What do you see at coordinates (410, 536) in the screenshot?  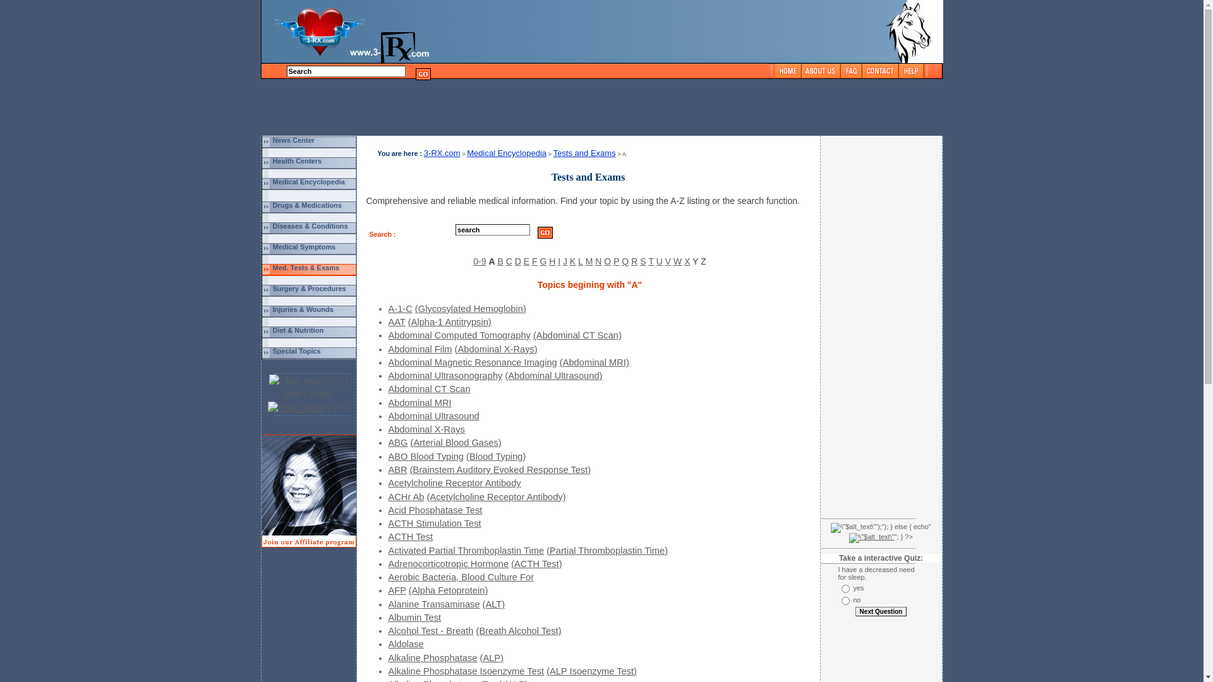 I see `'ACTH Test'` at bounding box center [410, 536].